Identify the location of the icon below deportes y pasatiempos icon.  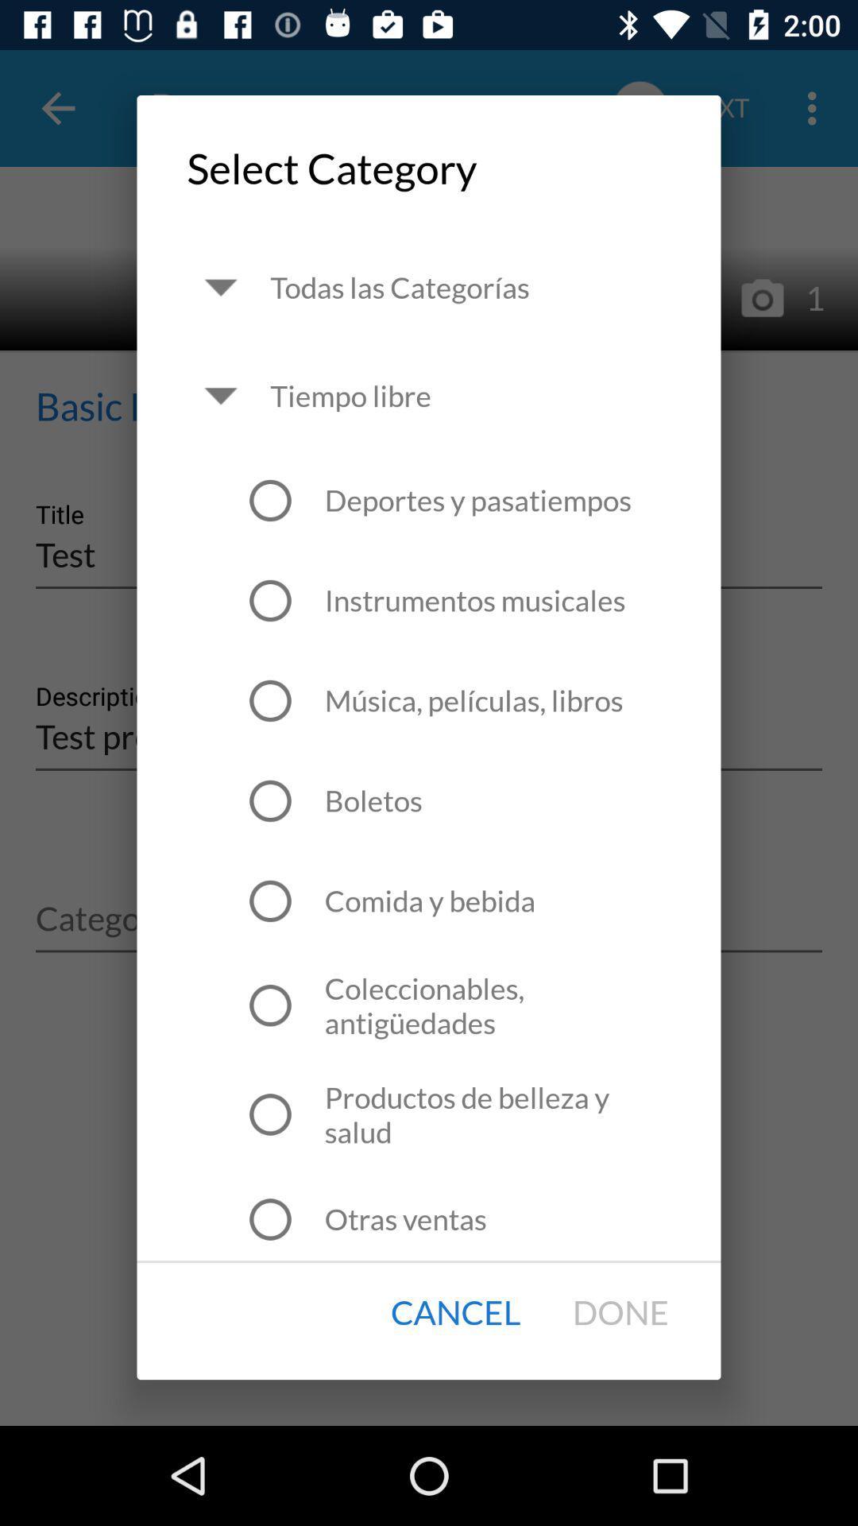
(474, 599).